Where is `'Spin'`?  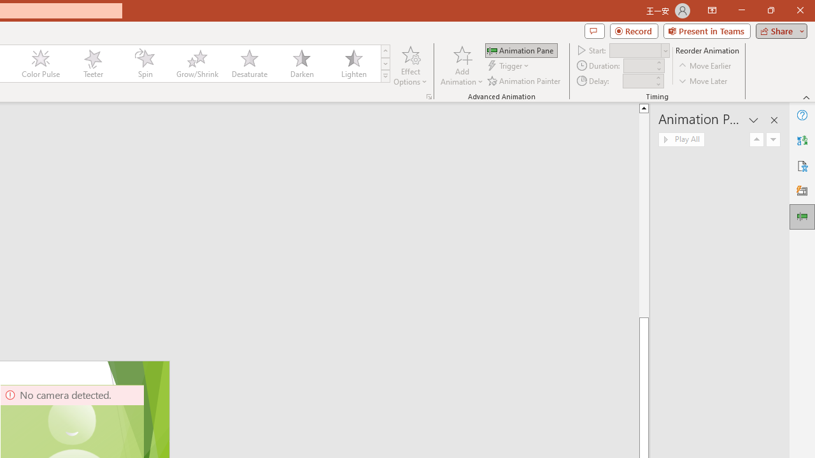 'Spin' is located at coordinates (145, 64).